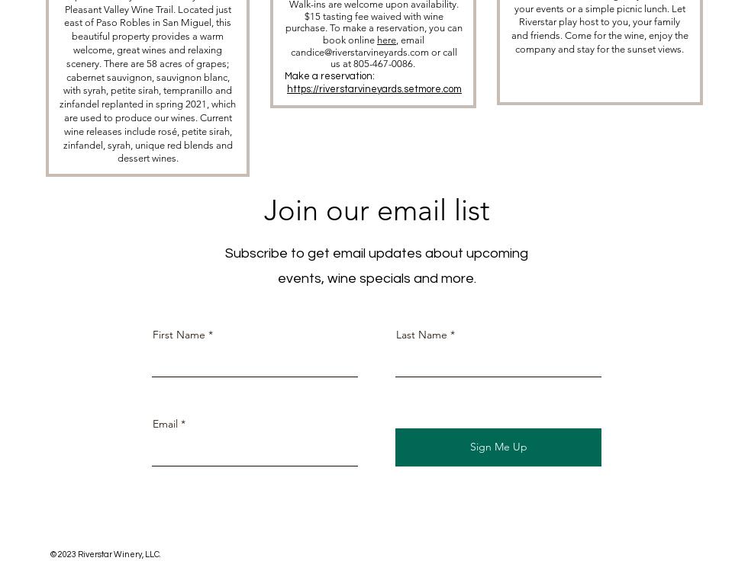 The image size is (748, 561). What do you see at coordinates (105, 553) in the screenshot?
I see `'© 2023 Riverstar Winery, LLC.'` at bounding box center [105, 553].